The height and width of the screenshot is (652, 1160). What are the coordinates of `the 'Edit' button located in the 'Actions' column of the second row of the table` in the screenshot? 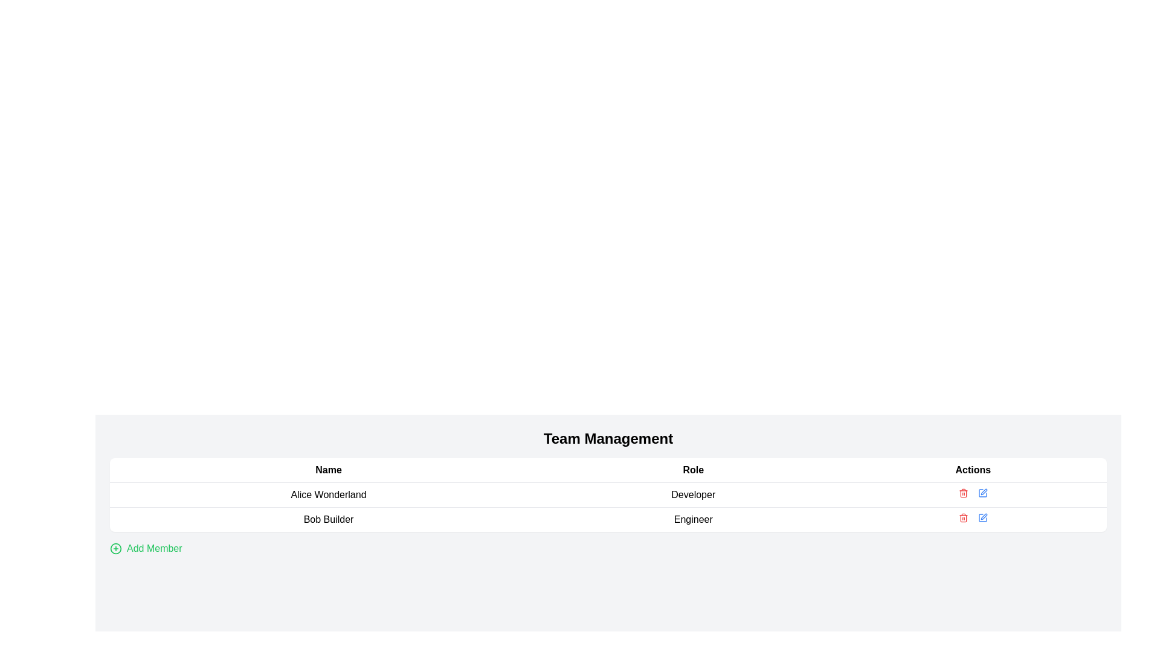 It's located at (982, 517).